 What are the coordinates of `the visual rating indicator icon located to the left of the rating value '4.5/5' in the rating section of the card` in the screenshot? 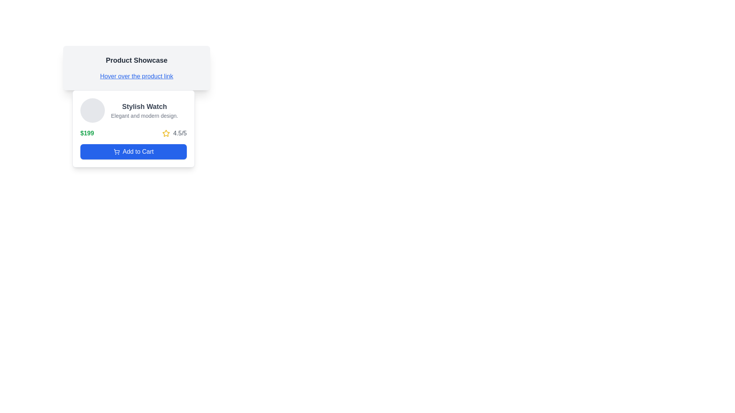 It's located at (166, 133).